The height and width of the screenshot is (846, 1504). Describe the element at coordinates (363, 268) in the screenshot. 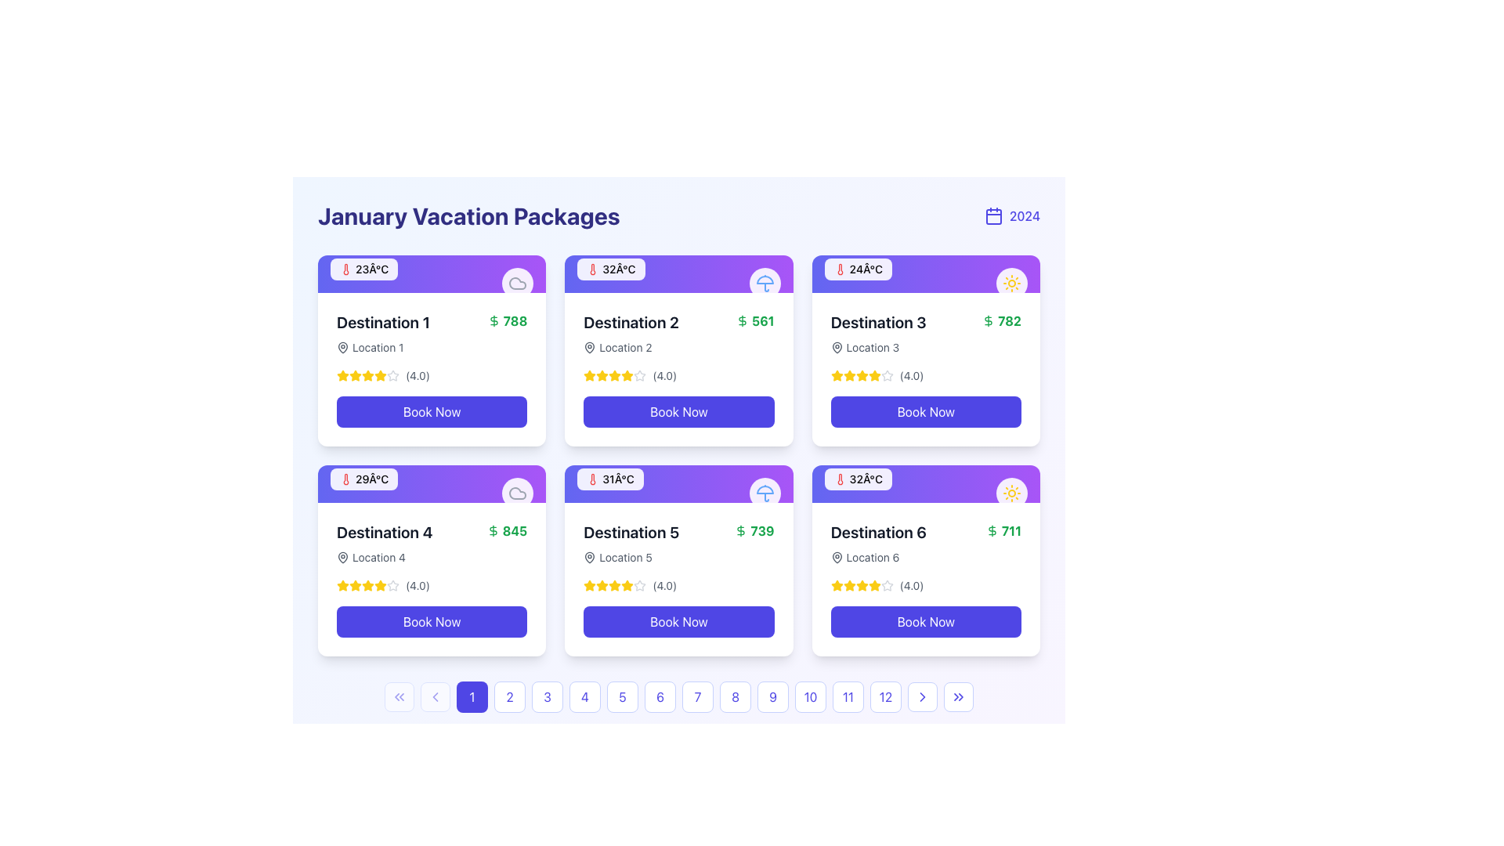

I see `the Informational indicator displaying the temperature, located in the bottom-left section of the second card in the first row of a grid of cards` at that location.